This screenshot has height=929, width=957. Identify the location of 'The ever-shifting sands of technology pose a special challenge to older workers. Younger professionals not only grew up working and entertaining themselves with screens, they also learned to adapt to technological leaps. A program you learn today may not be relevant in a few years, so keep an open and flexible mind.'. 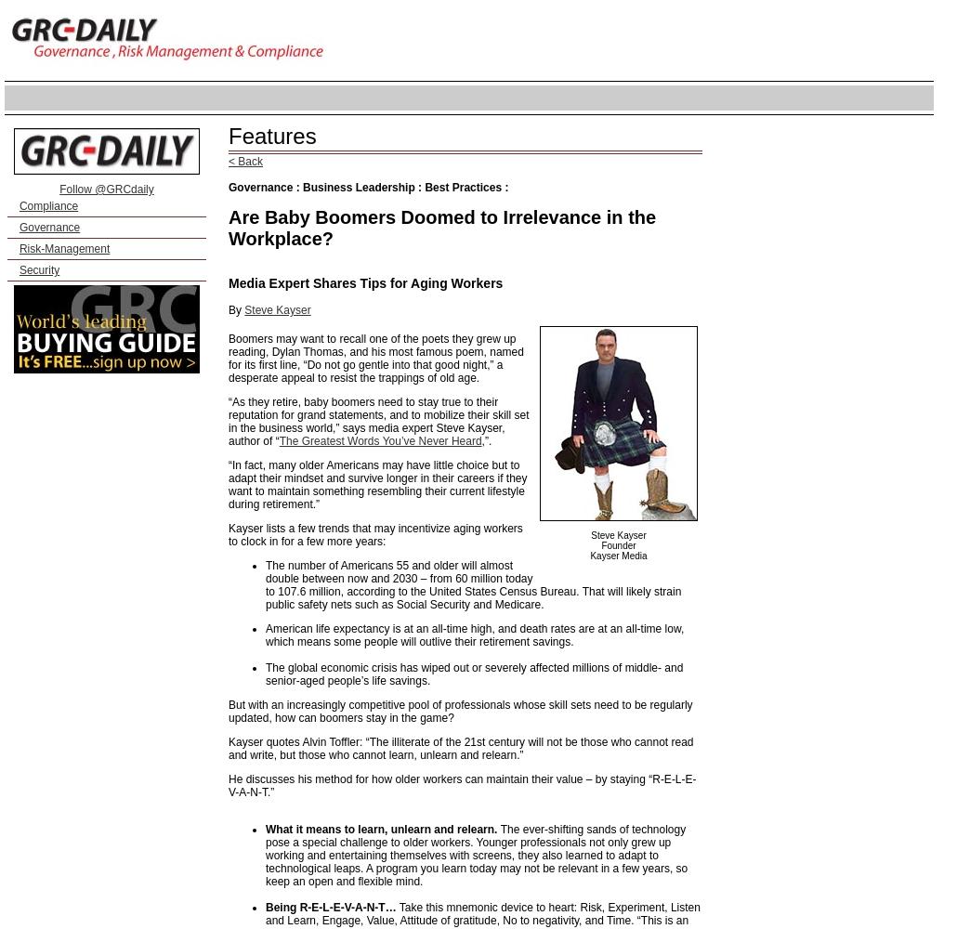
(476, 856).